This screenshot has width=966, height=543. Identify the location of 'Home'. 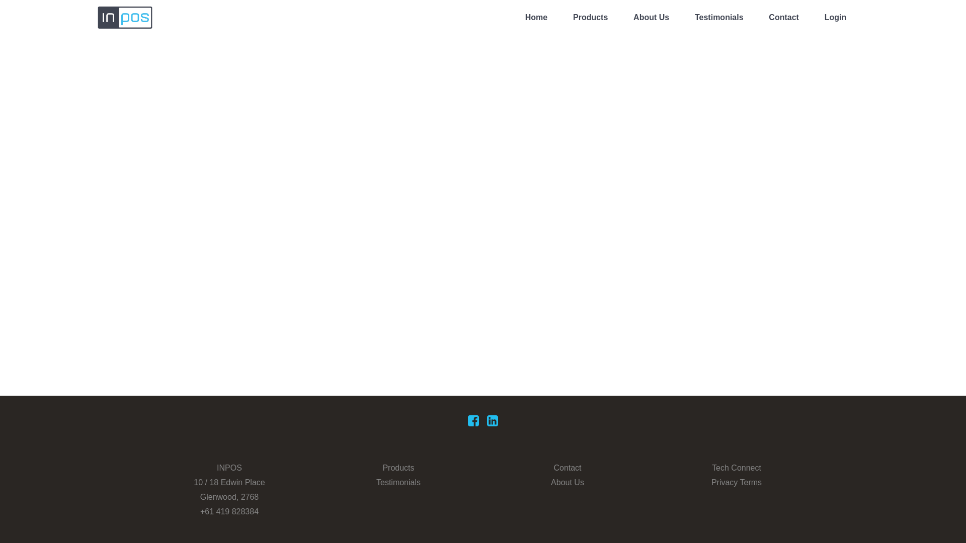
(535, 17).